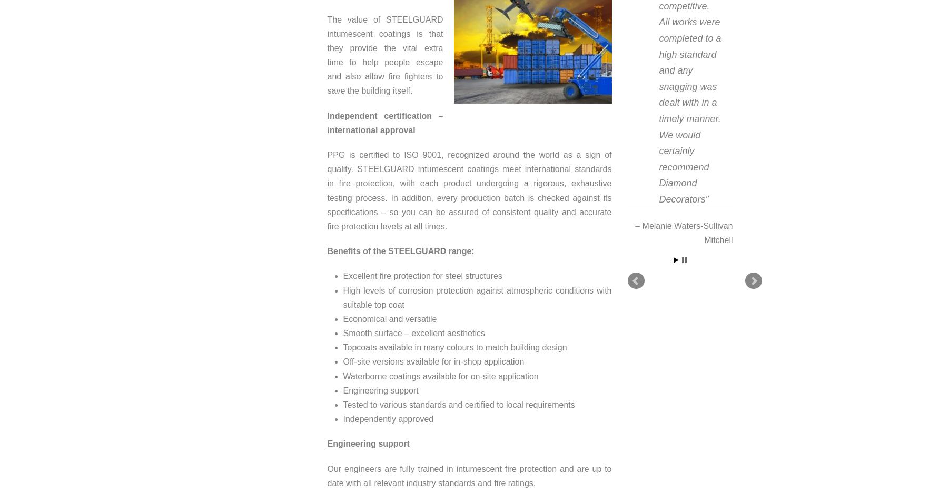 The image size is (939, 494). I want to click on 'Independent certification – international approval', so click(327, 122).